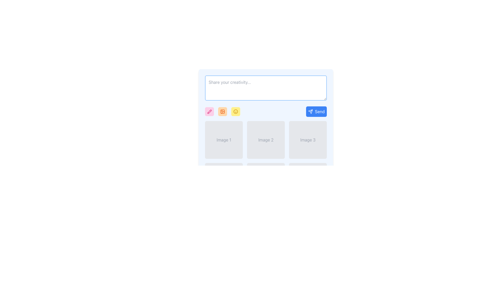 Image resolution: width=504 pixels, height=283 pixels. What do you see at coordinates (209, 111) in the screenshot?
I see `the paintbrush icon located second from the left in the horizontal arrangement of icons` at bounding box center [209, 111].